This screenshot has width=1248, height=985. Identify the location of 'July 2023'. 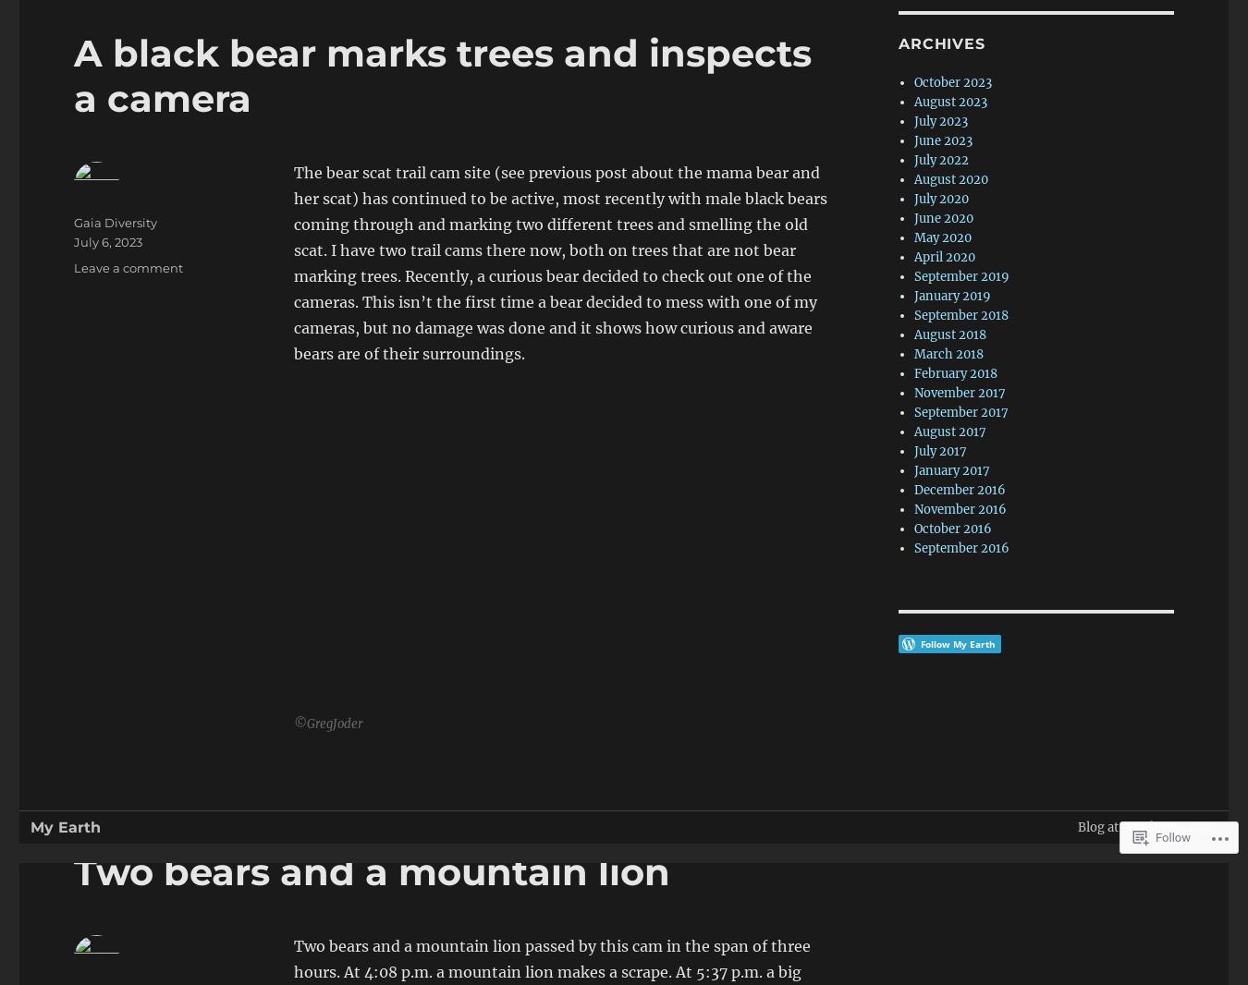
(939, 120).